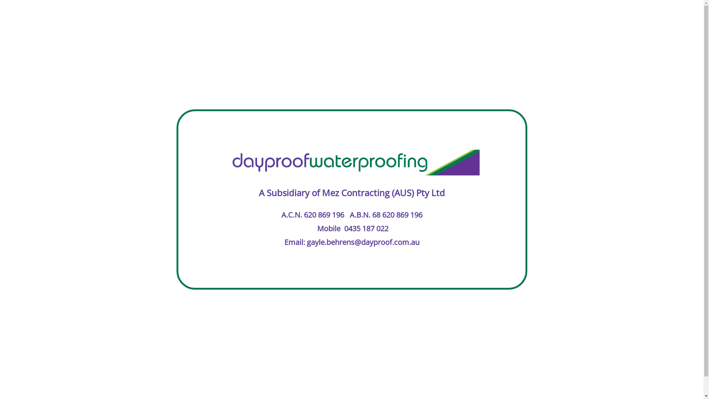 The width and height of the screenshot is (709, 399). What do you see at coordinates (363, 242) in the screenshot?
I see `'gayle.behrens@dayproof.com.au'` at bounding box center [363, 242].